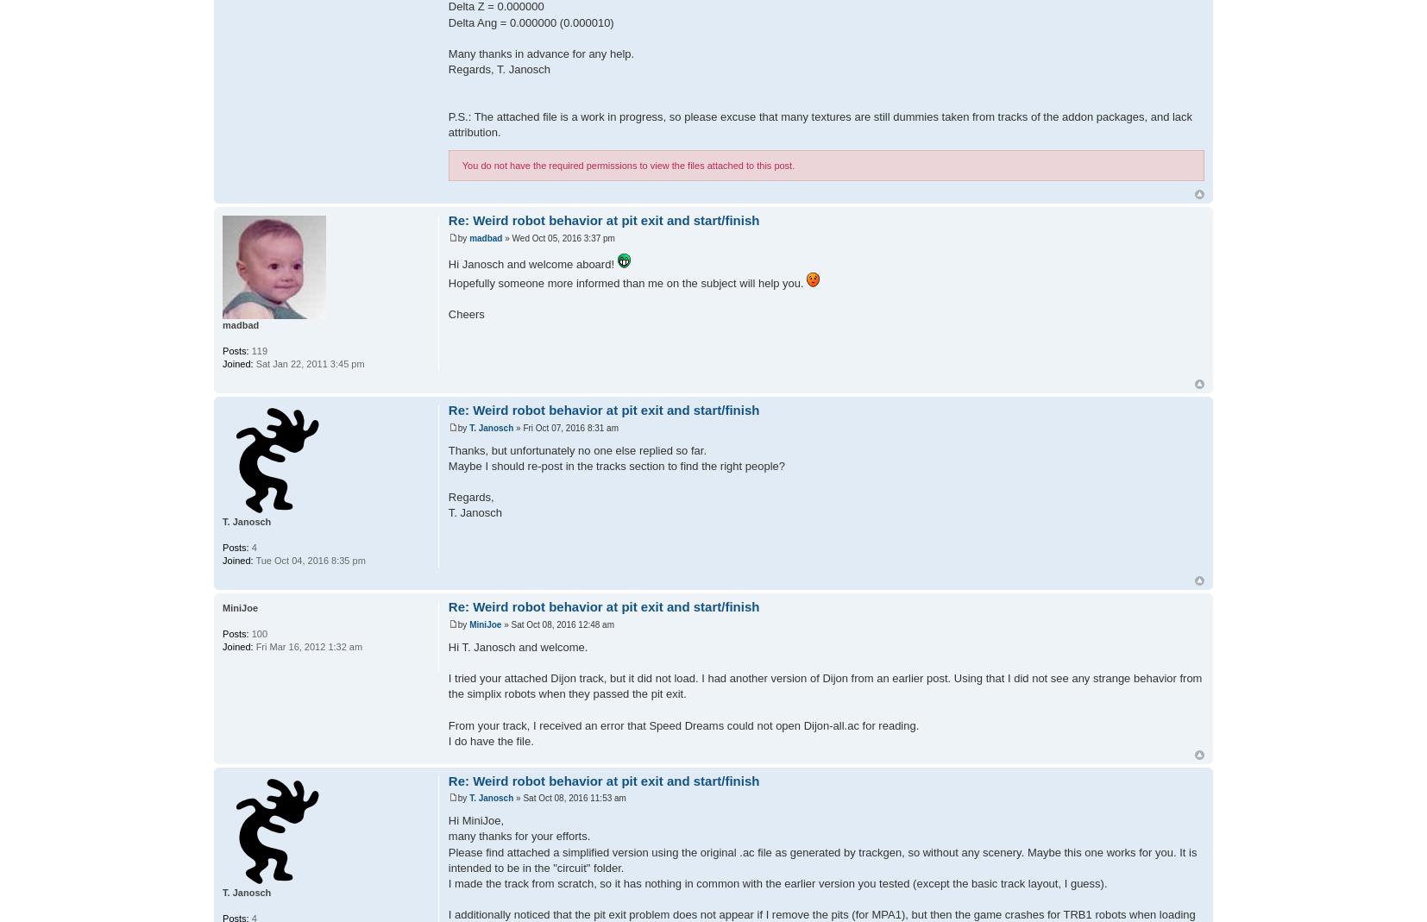 This screenshot has height=922, width=1427. What do you see at coordinates (475, 819) in the screenshot?
I see `'Hi MiniJoe,'` at bounding box center [475, 819].